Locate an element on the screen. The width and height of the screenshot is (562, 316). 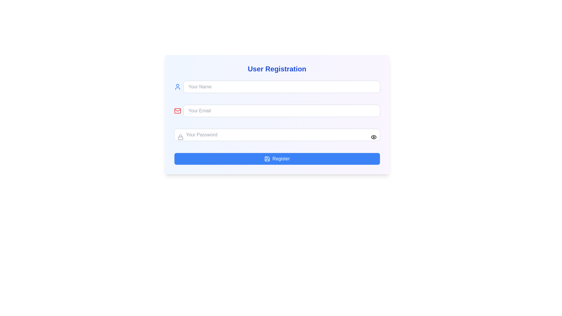
the header text element styled with large, bold, blue font reading 'User Registration', which is centrally aligned at the top of the registration form is located at coordinates (277, 68).